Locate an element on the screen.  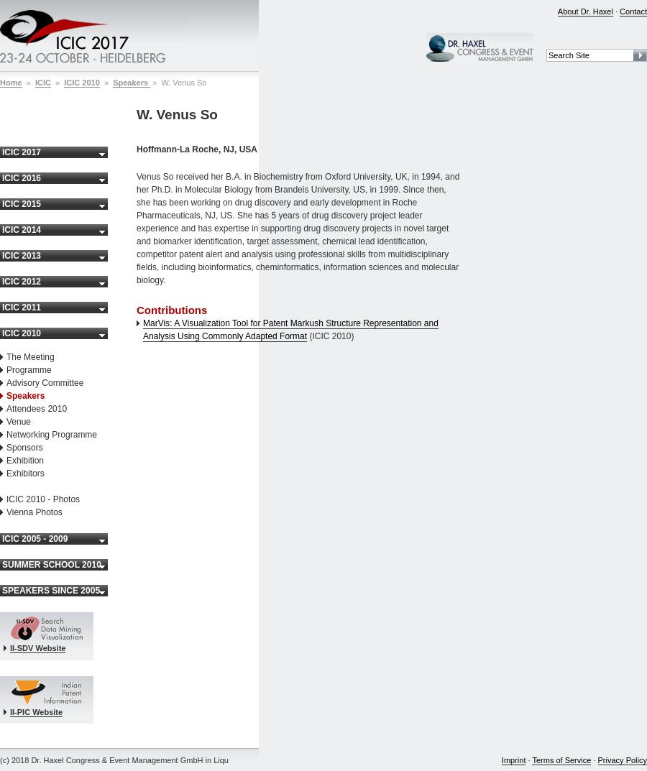
'Contact' is located at coordinates (633, 10).